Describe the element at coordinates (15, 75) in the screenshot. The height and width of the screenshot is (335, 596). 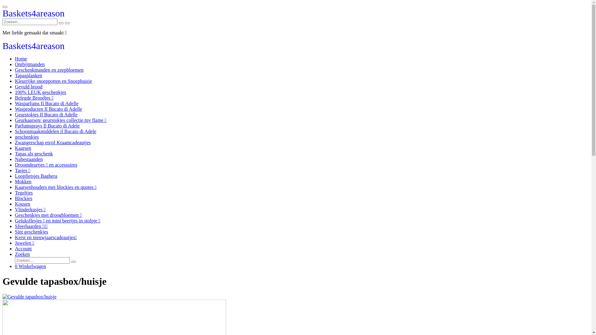
I see `'Tapasplanken'` at that location.